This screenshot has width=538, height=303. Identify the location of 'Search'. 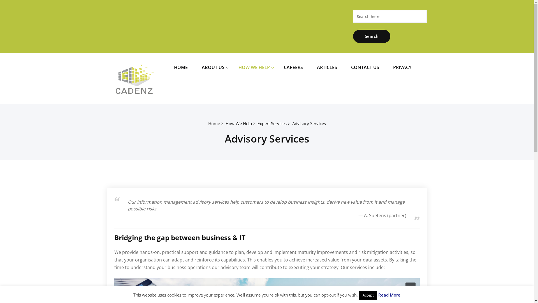
(372, 36).